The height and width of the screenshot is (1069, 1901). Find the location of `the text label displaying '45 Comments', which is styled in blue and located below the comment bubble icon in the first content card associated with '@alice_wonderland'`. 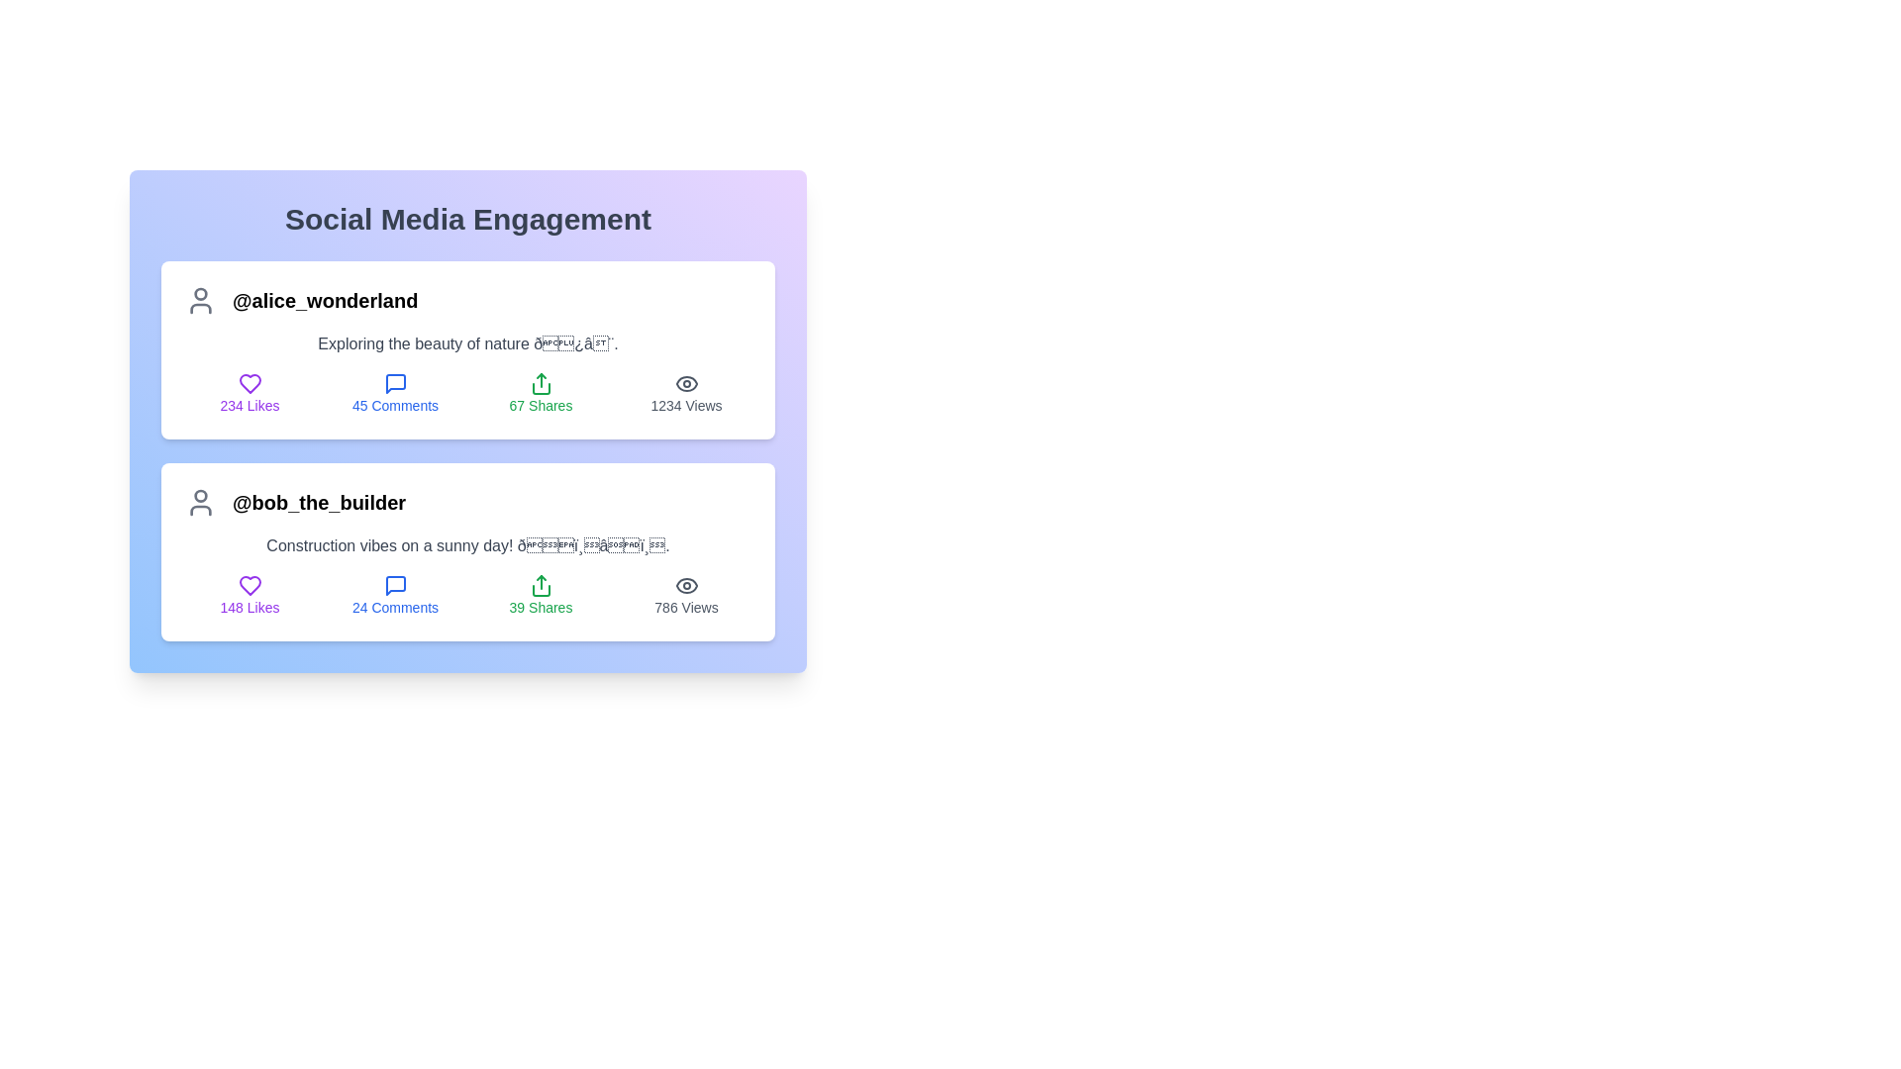

the text label displaying '45 Comments', which is styled in blue and located below the comment bubble icon in the first content card associated with '@alice_wonderland' is located at coordinates (395, 404).